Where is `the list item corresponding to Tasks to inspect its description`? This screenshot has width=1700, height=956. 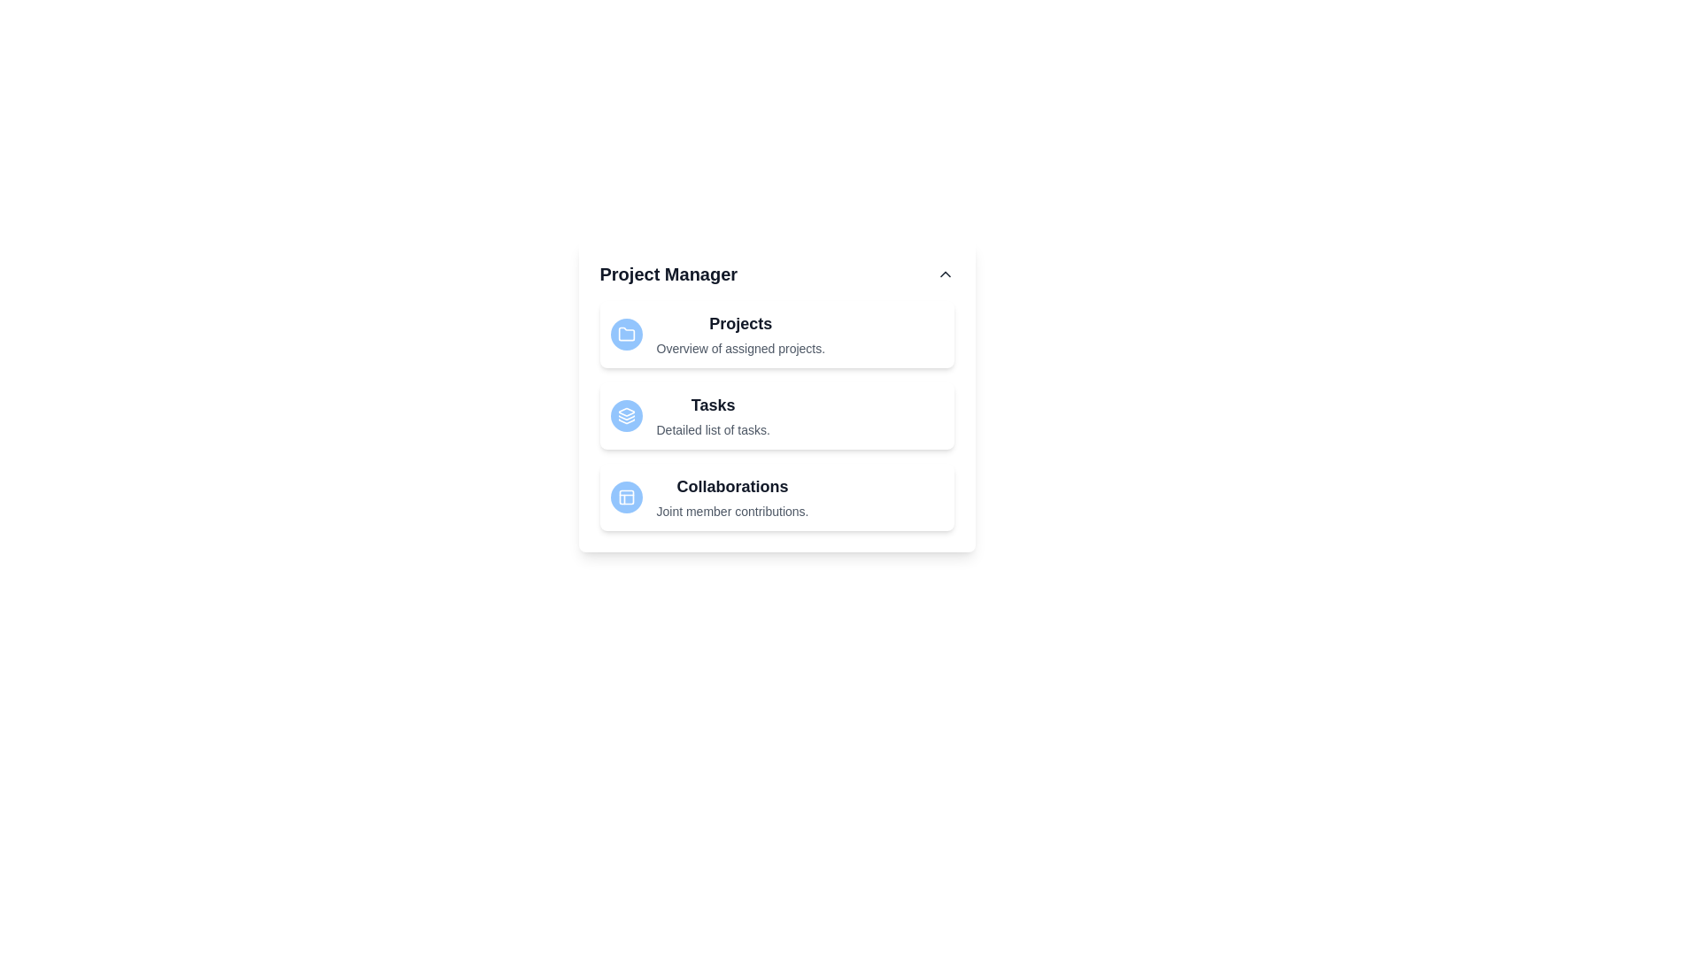
the list item corresponding to Tasks to inspect its description is located at coordinates (708, 416).